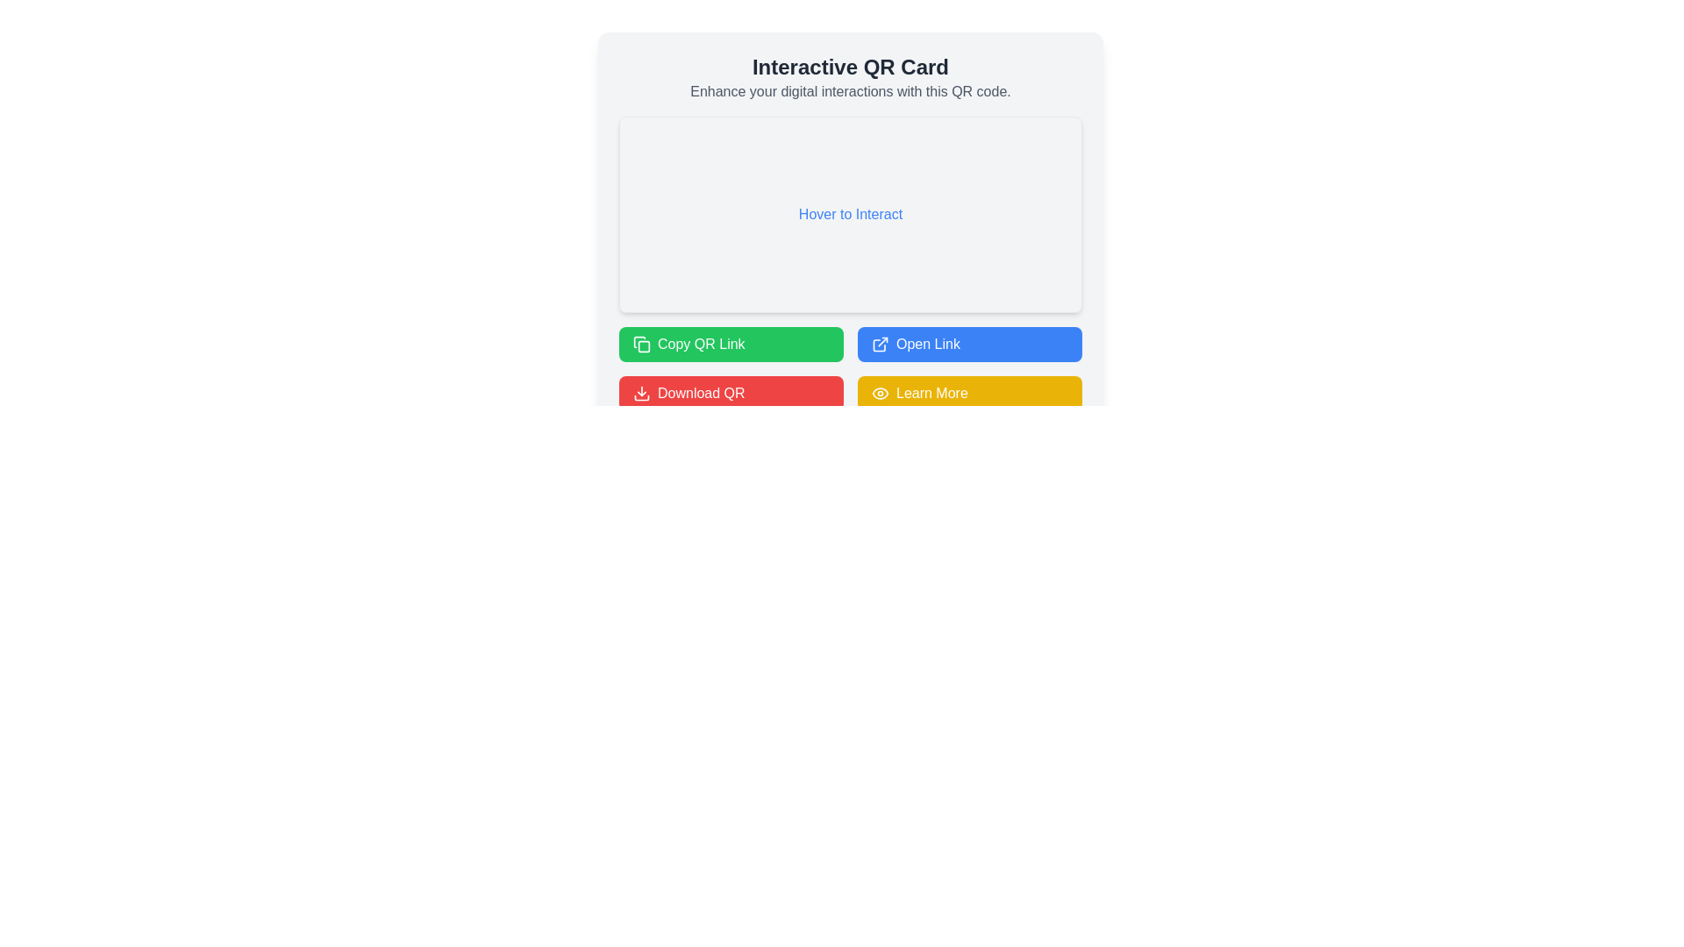 The height and width of the screenshot is (947, 1684). What do you see at coordinates (850, 367) in the screenshot?
I see `the grid layout containing four buttons, which includes a green 'Copy QR Link', a blue 'Open Link', a red 'Download QR', and a yellow 'Learn More'` at bounding box center [850, 367].